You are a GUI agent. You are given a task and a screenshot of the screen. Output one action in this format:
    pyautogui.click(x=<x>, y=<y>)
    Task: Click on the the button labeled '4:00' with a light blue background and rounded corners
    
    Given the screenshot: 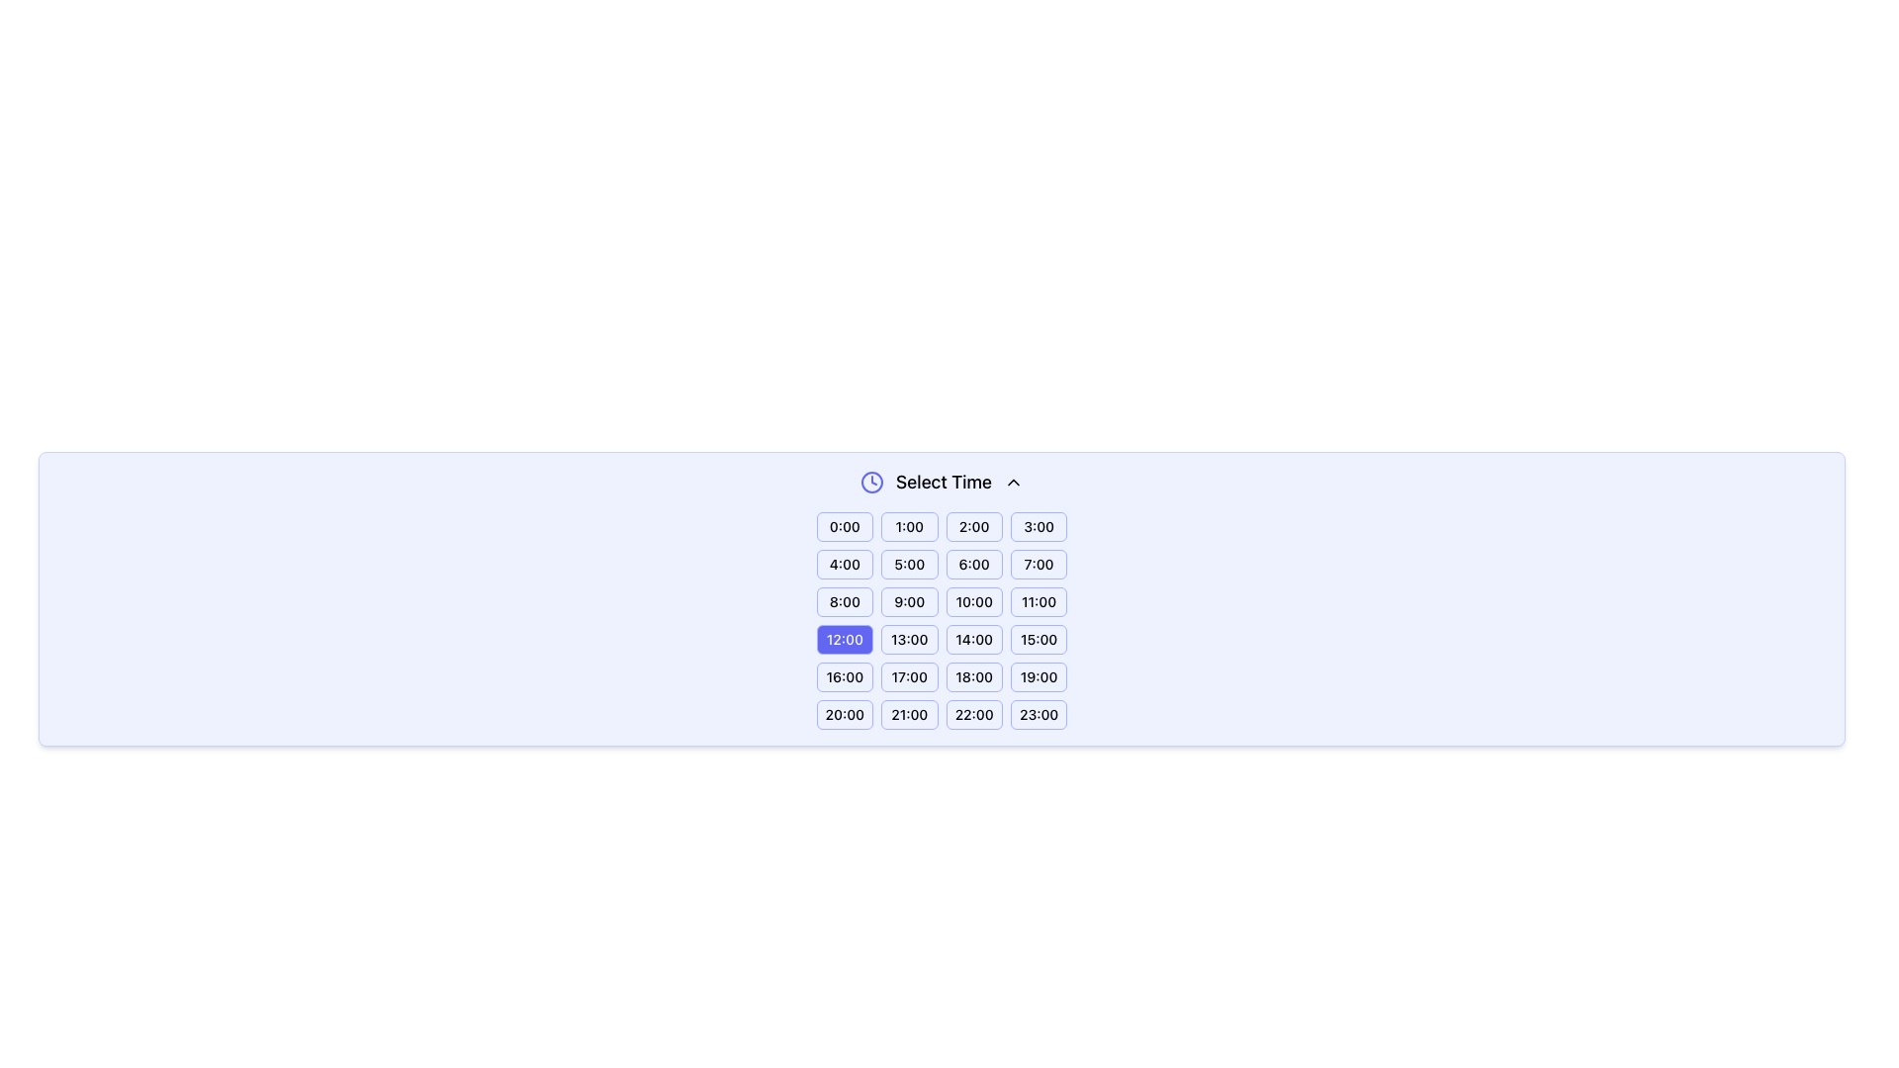 What is the action you would take?
    pyautogui.click(x=845, y=564)
    